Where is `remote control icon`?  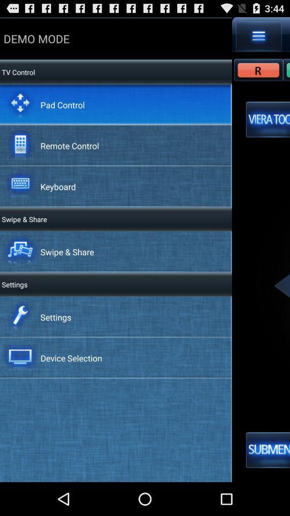
remote control icon is located at coordinates (69, 145).